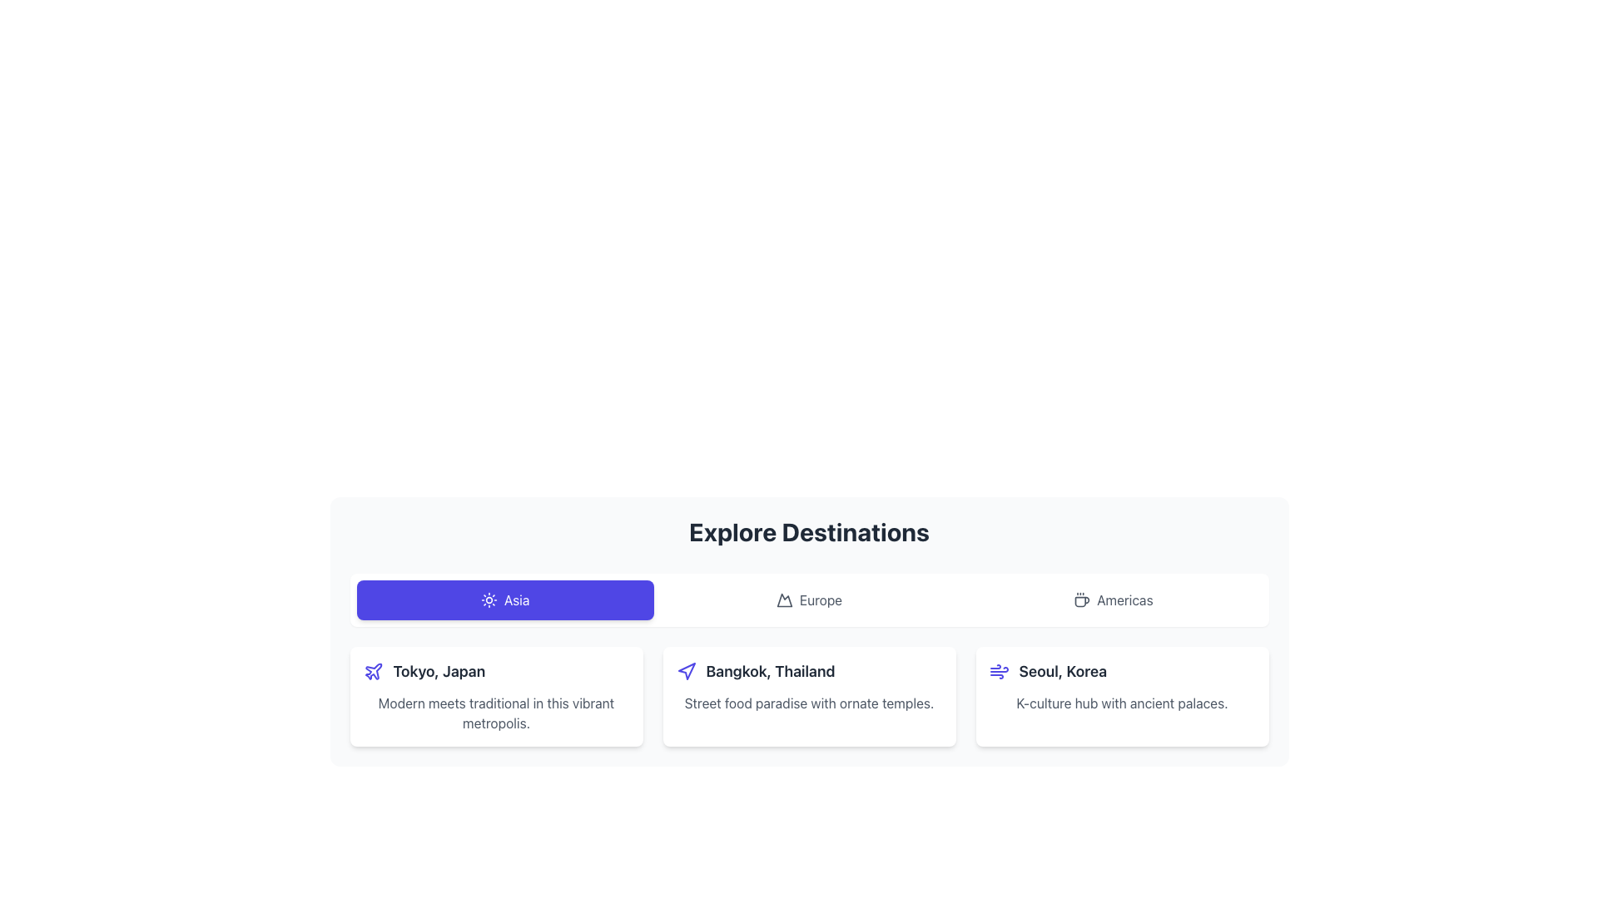 The height and width of the screenshot is (898, 1598). Describe the element at coordinates (495, 712) in the screenshot. I see `the static text element displaying the description 'Modern meets traditional in this vibrant metropolis.' located below the title 'Tokyo, Japan' in the card layout` at that location.